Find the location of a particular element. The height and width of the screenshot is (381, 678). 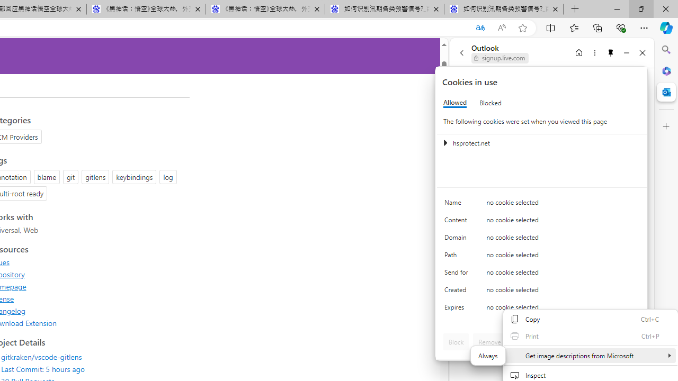

'Path' is located at coordinates (458, 257).